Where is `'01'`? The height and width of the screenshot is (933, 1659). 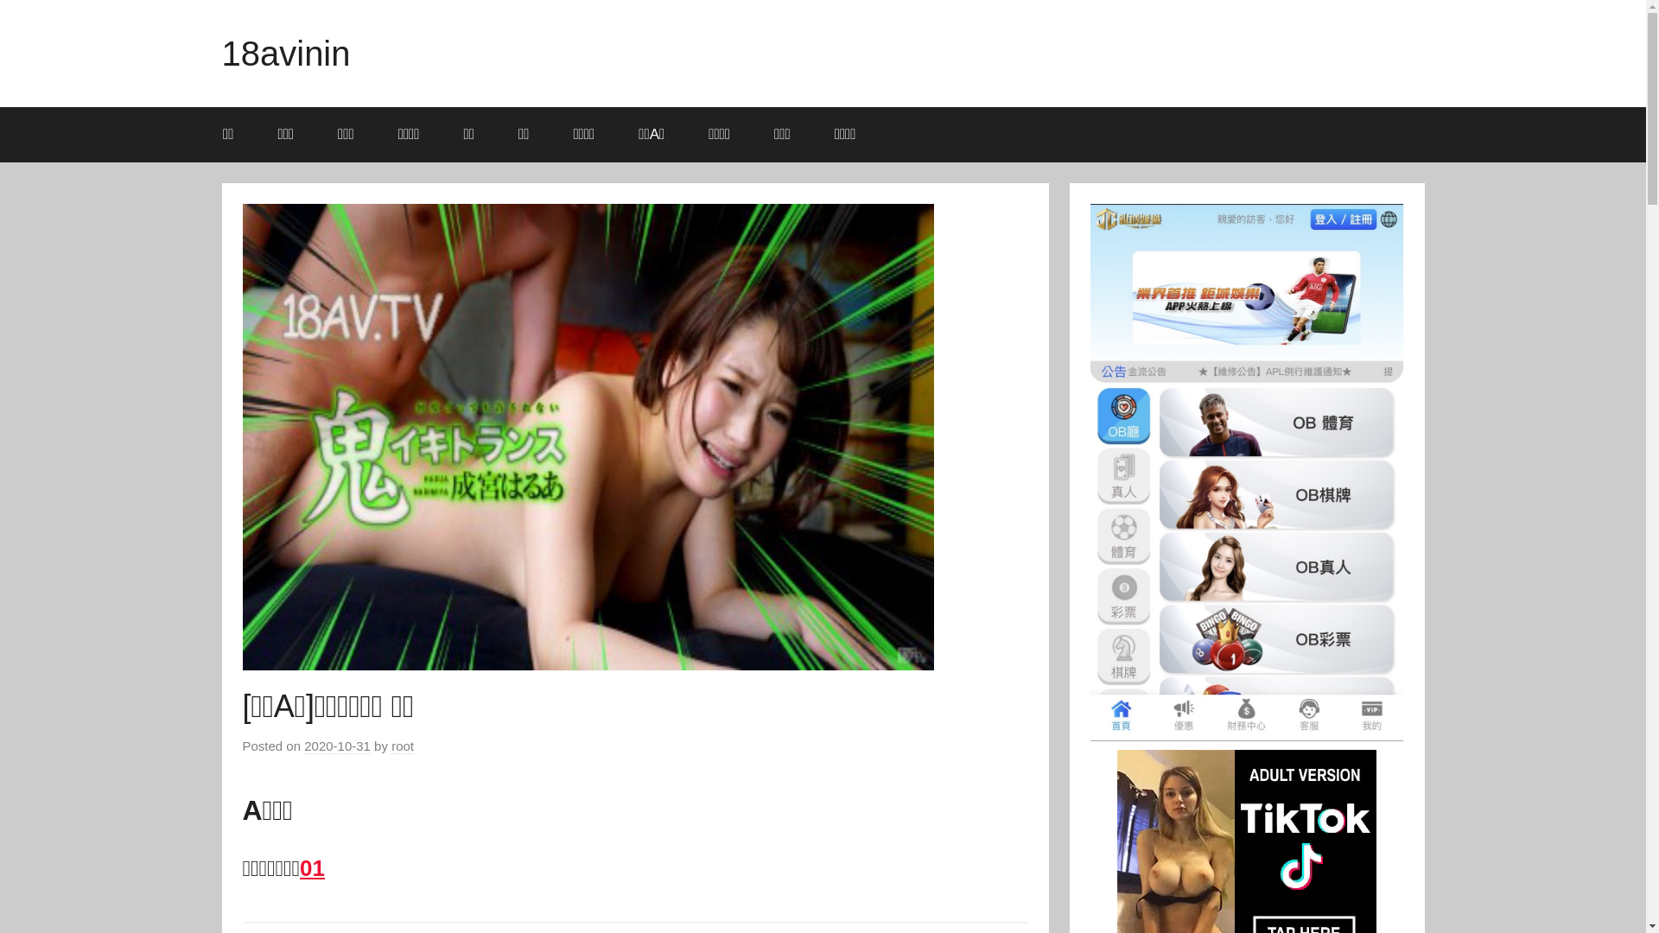
'01' is located at coordinates (312, 868).